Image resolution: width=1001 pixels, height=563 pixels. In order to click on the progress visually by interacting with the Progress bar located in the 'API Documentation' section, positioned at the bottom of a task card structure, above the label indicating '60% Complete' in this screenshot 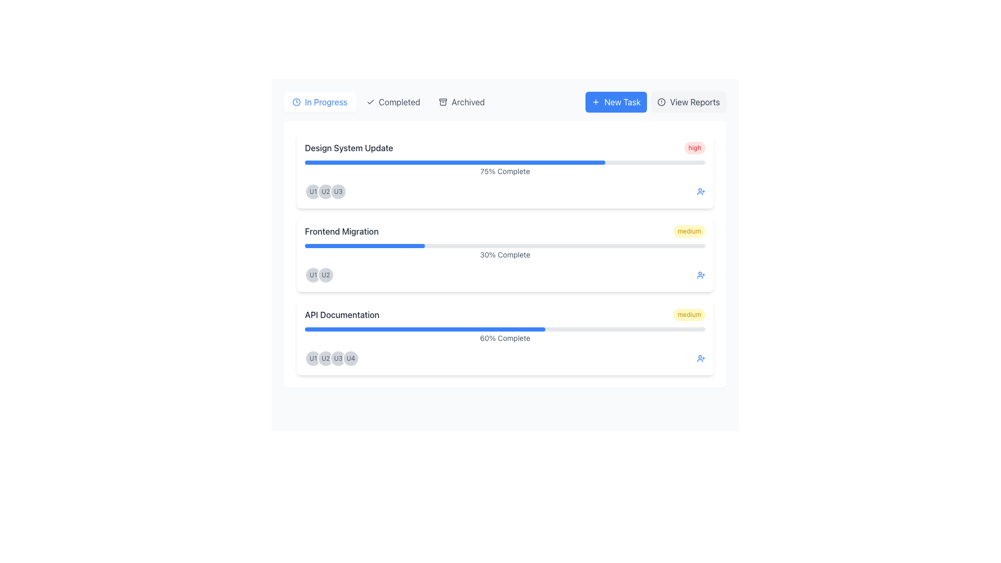, I will do `click(505, 329)`.